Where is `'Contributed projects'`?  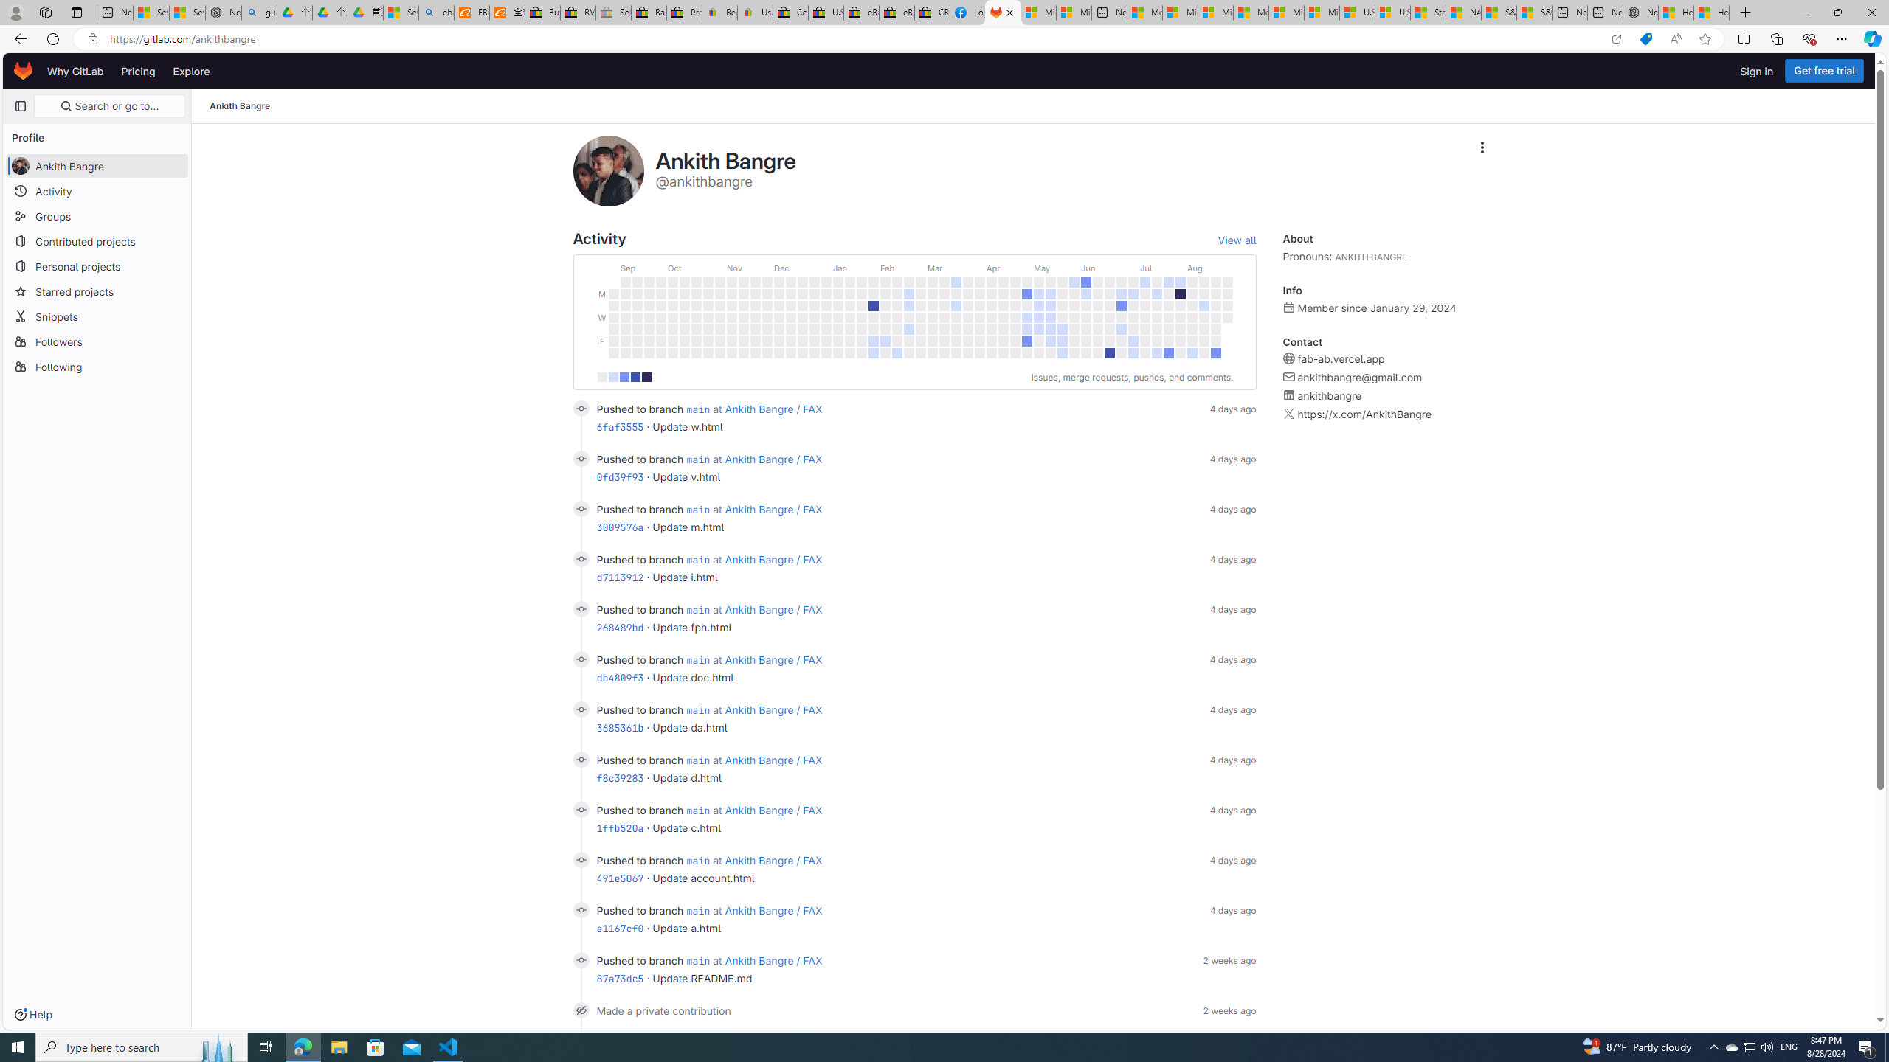 'Contributed projects' is located at coordinates (96, 240).